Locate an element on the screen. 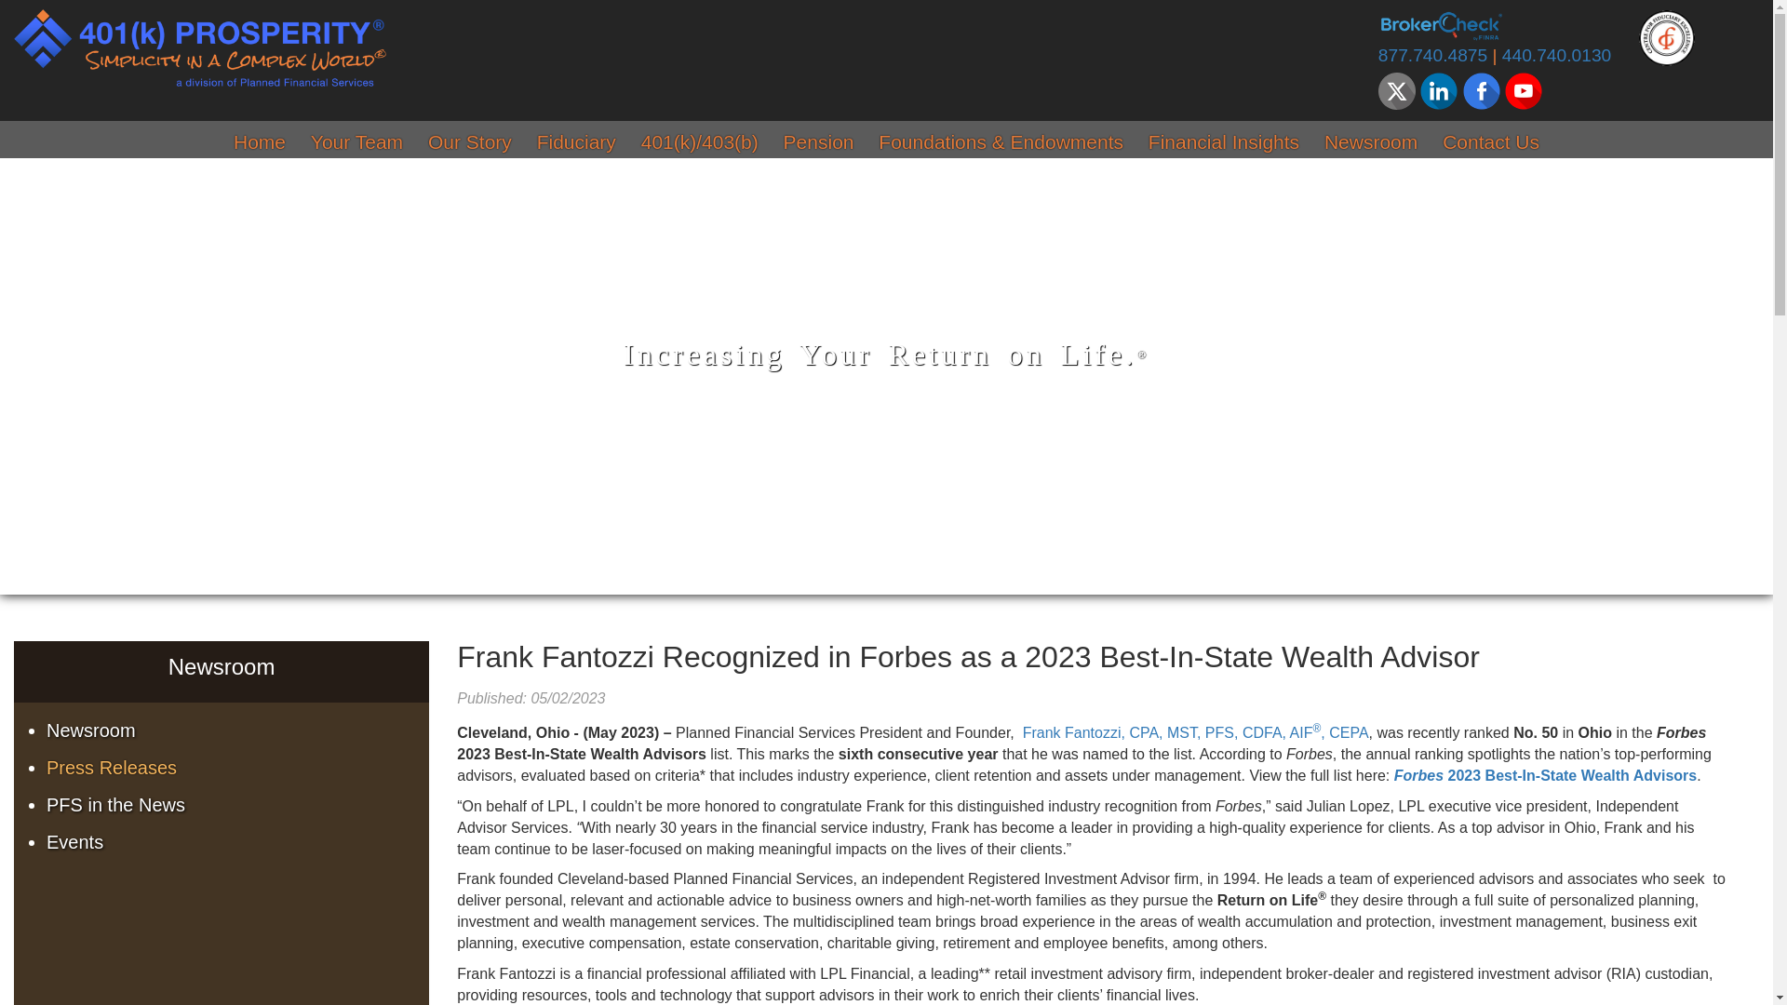 The width and height of the screenshot is (1787, 1005). 'Your Team' is located at coordinates (356, 143).